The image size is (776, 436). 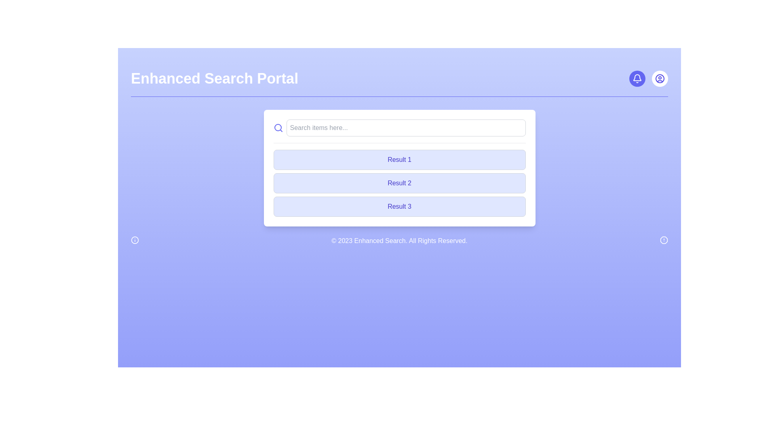 I want to click on the last Static Display Box in the vertical list, which displays a specific search result or category, so click(x=399, y=206).